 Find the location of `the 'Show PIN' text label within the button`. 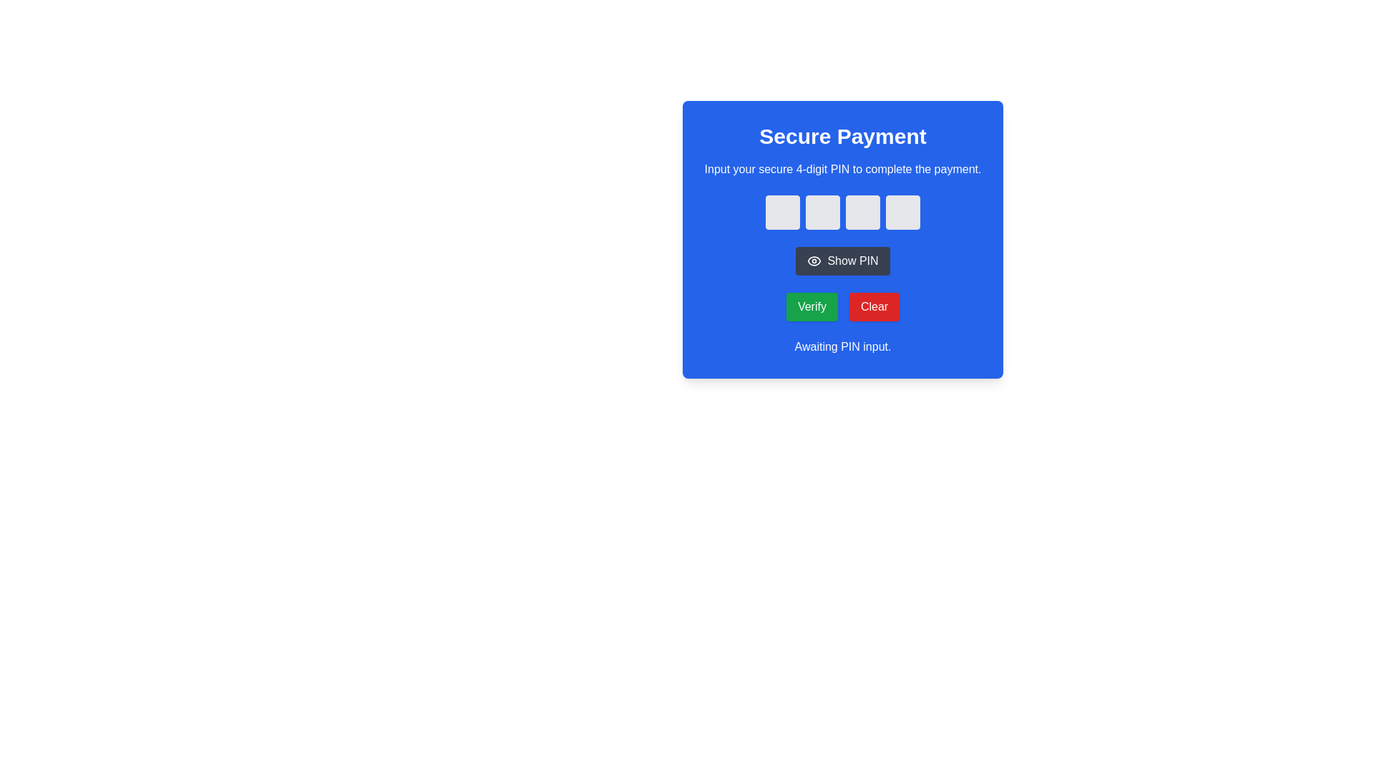

the 'Show PIN' text label within the button is located at coordinates (852, 261).